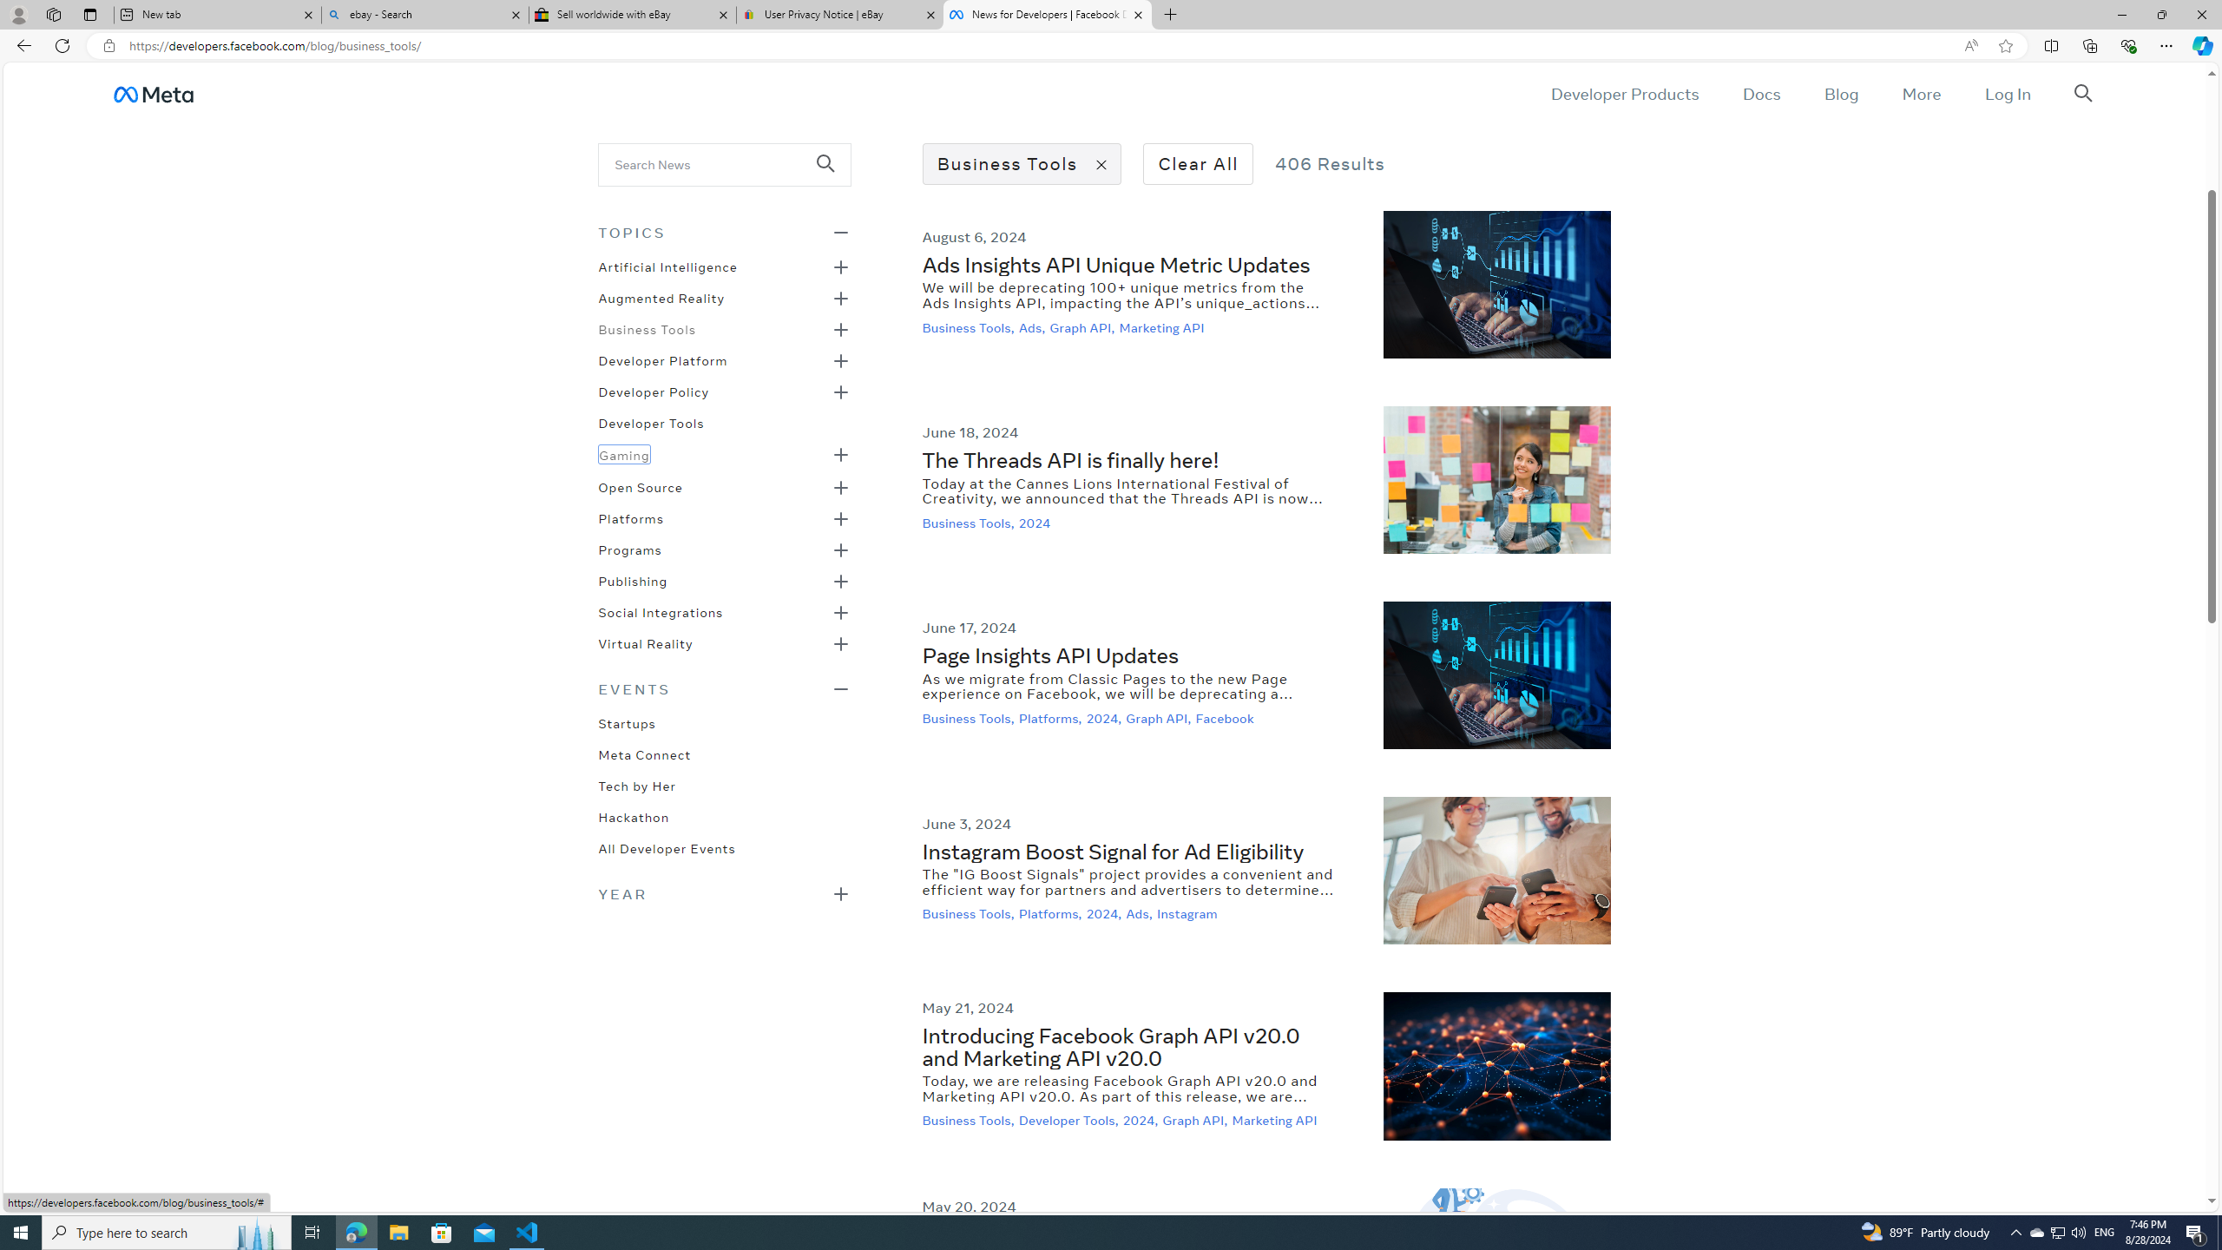  I want to click on 'Facebook', so click(1226, 718).